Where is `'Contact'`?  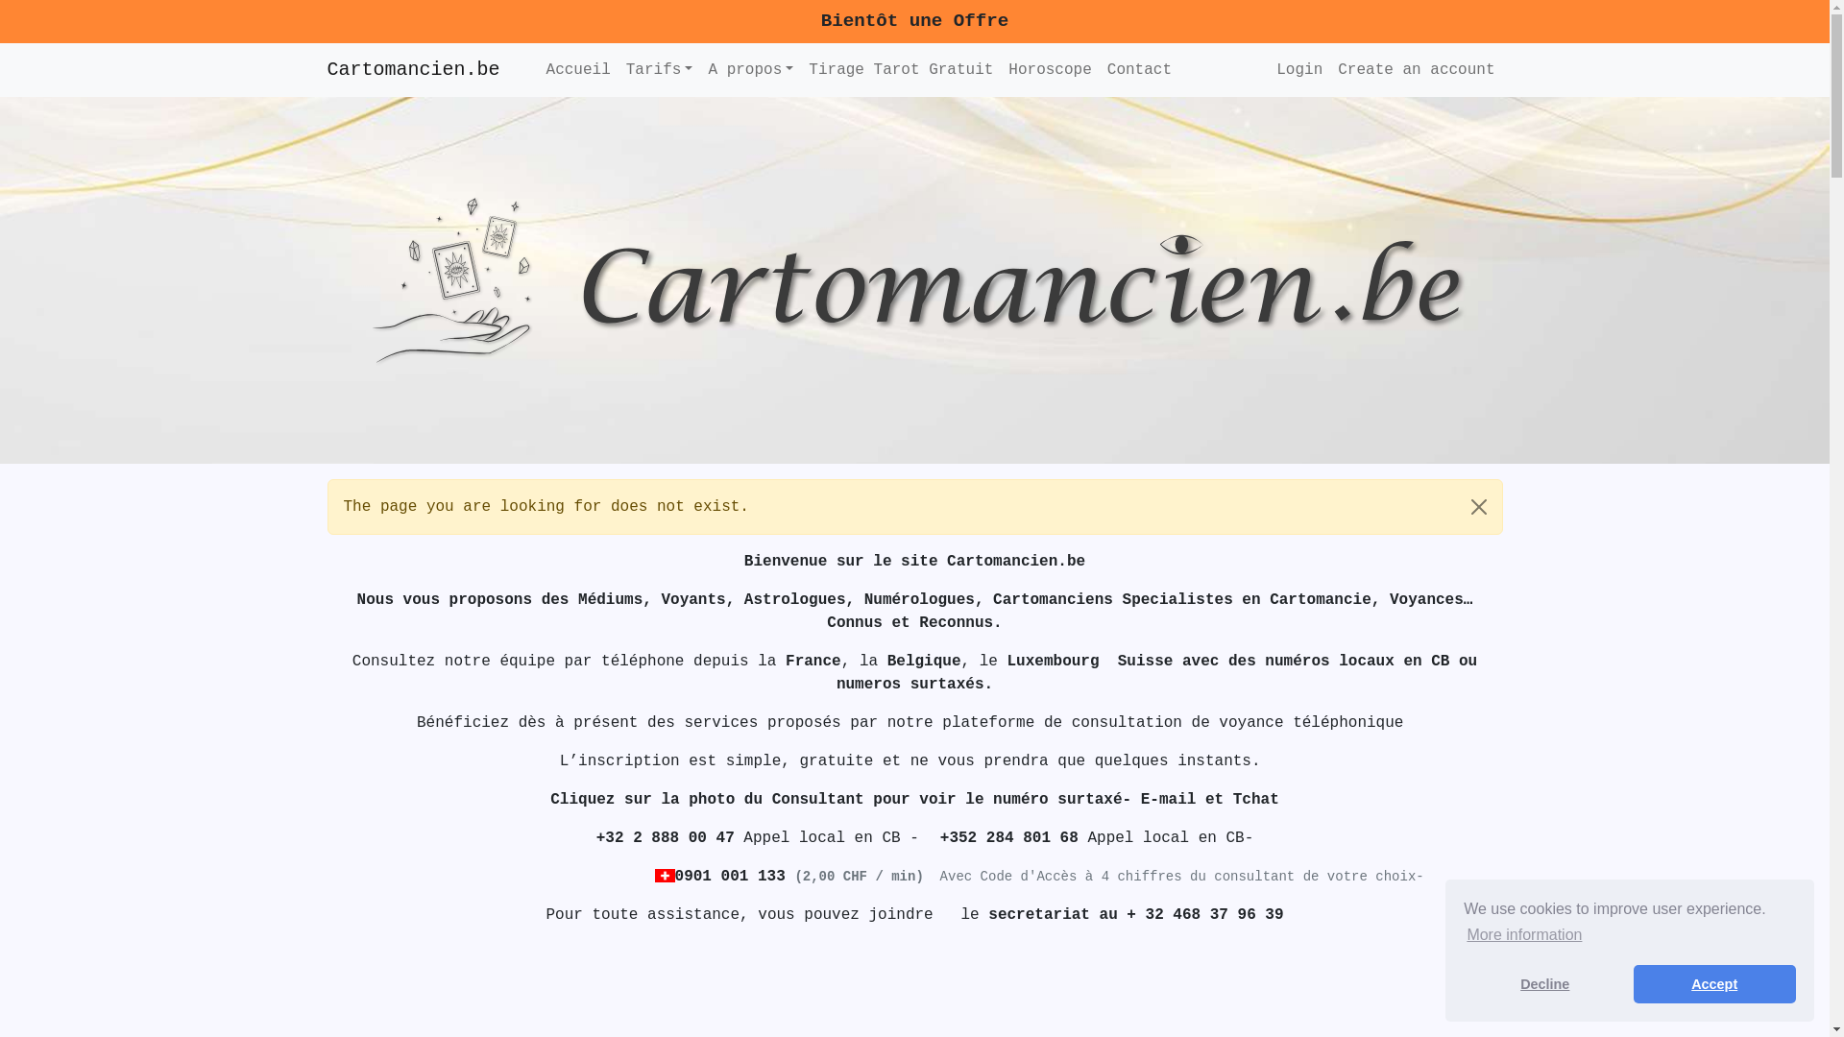
'Contact' is located at coordinates (1139, 69).